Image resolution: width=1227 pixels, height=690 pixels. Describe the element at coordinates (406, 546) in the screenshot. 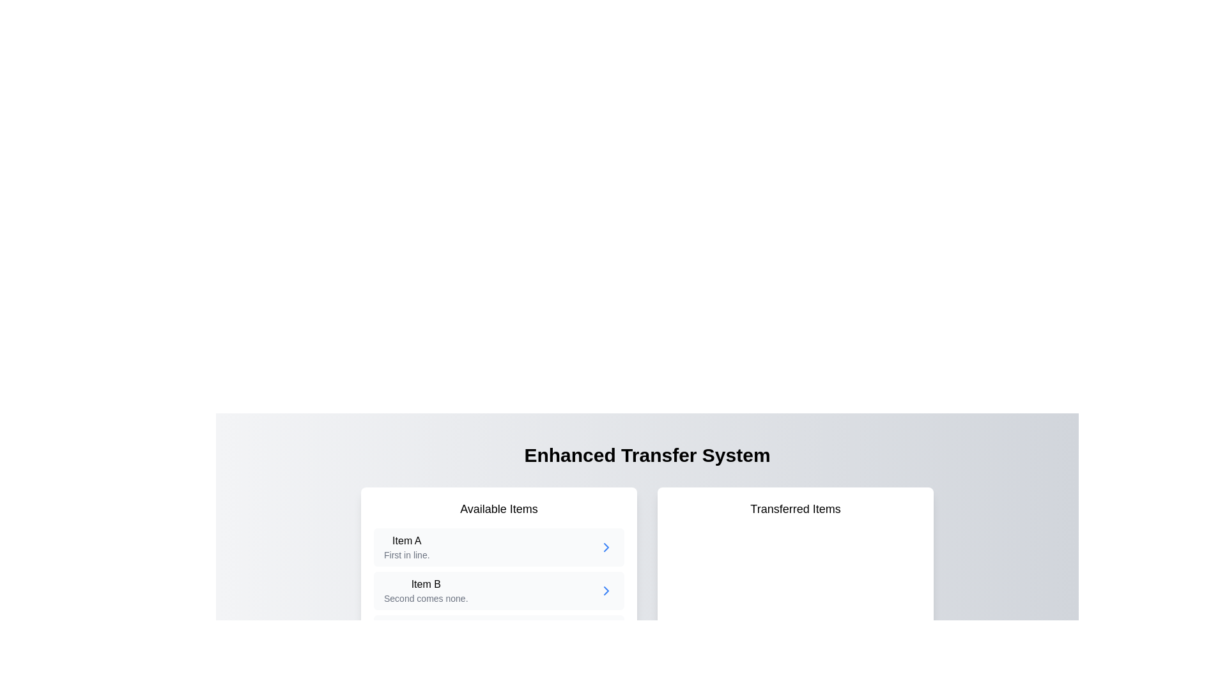

I see `the label displaying 'Item A' in bold with the description 'First in line.' in gray, located in the 'Available Items' section as the first item in the list` at that location.